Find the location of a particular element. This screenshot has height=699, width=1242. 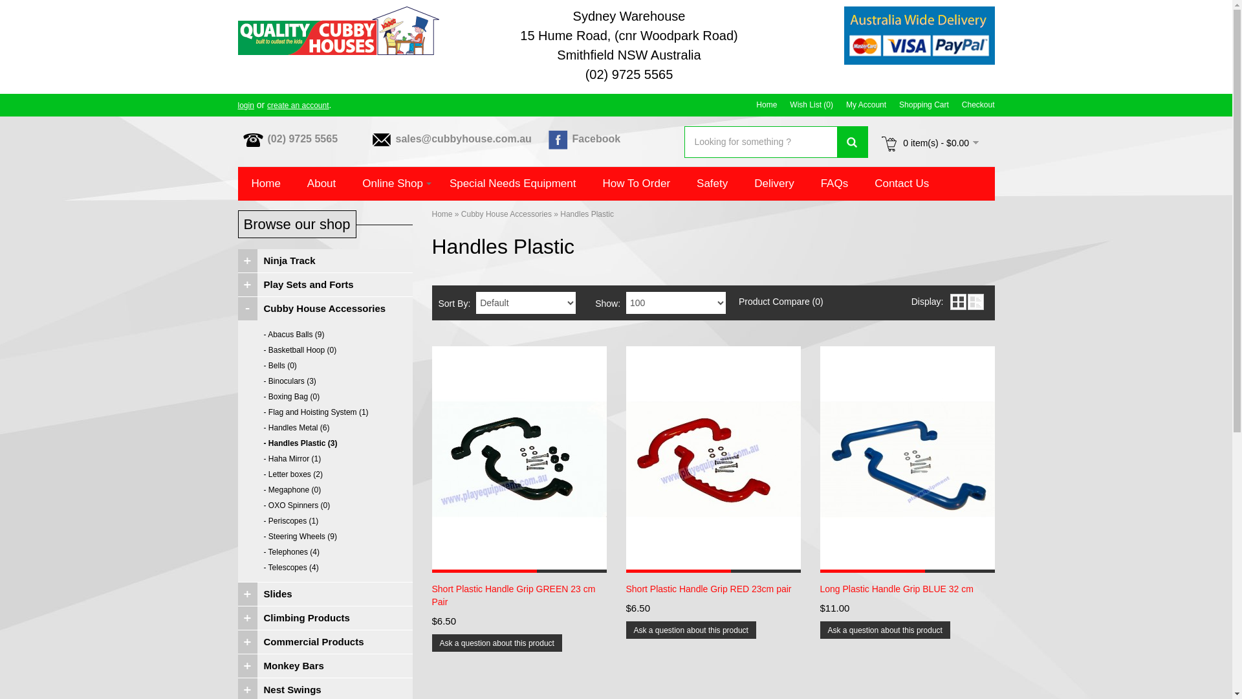

'- Handles Metal (6)' is located at coordinates (238, 427).